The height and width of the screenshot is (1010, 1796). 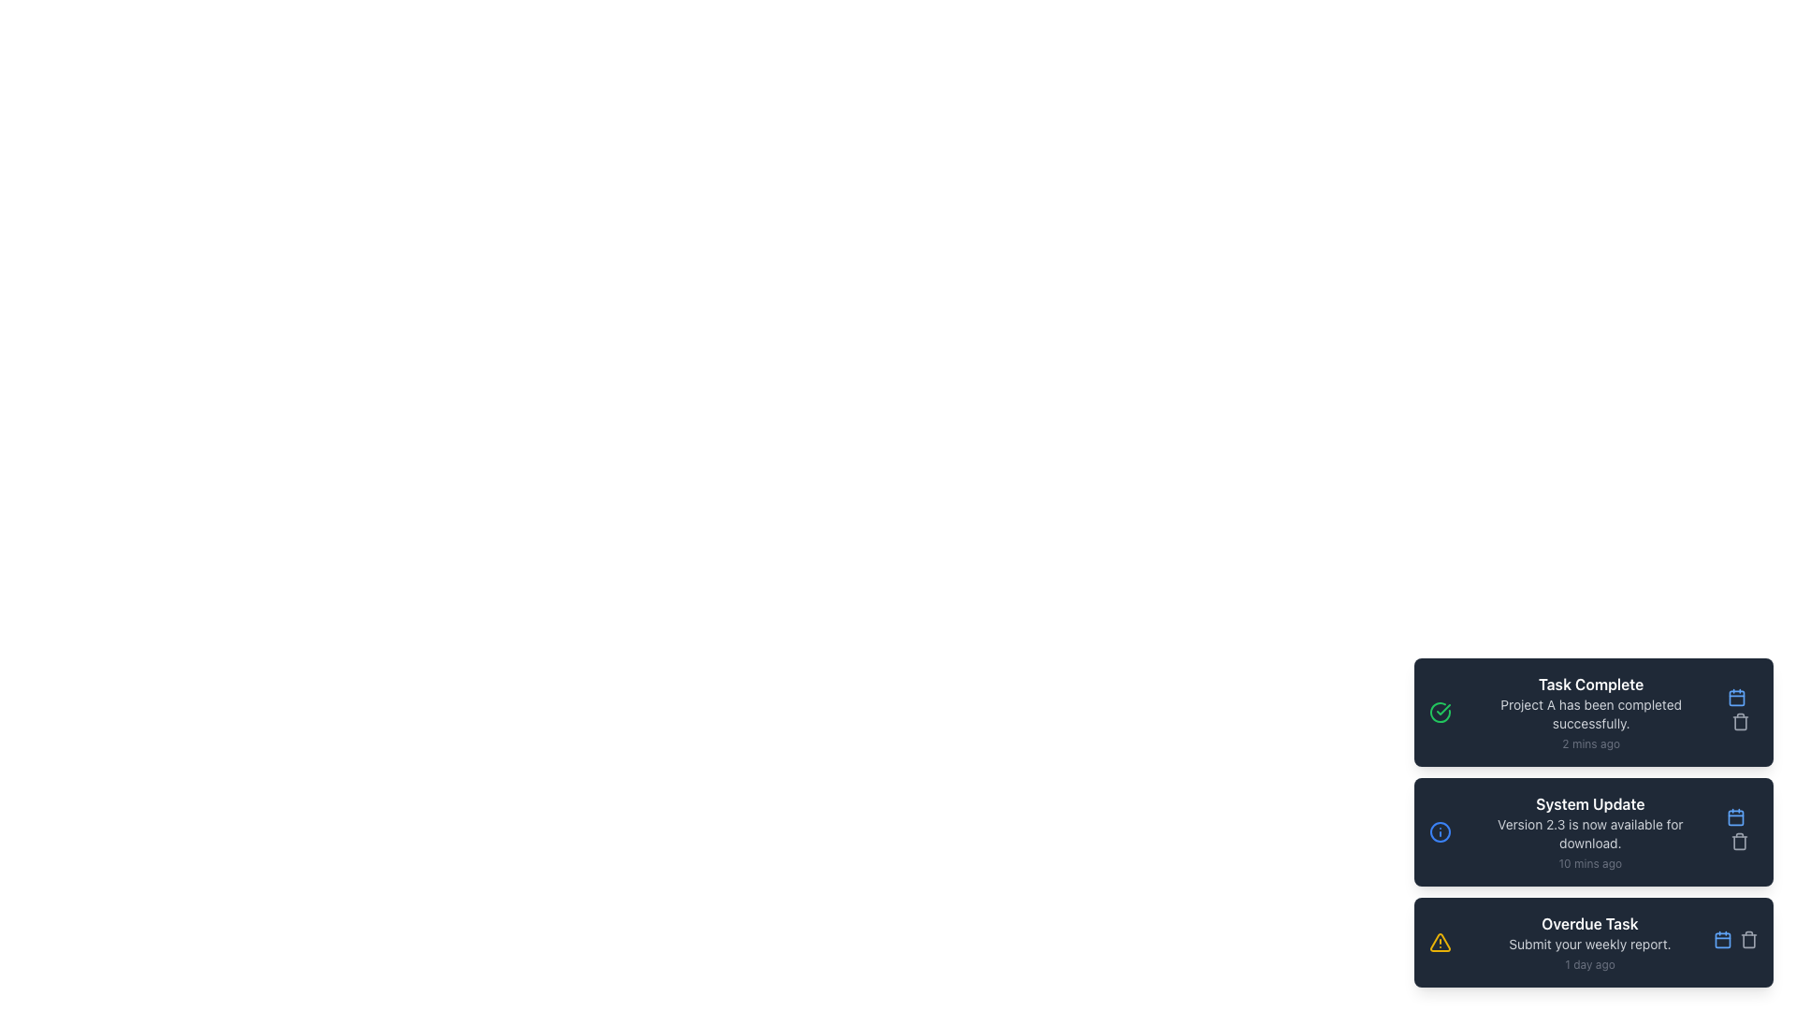 What do you see at coordinates (1740, 720) in the screenshot?
I see `the delete icon button located on the right side of the task notification` at bounding box center [1740, 720].